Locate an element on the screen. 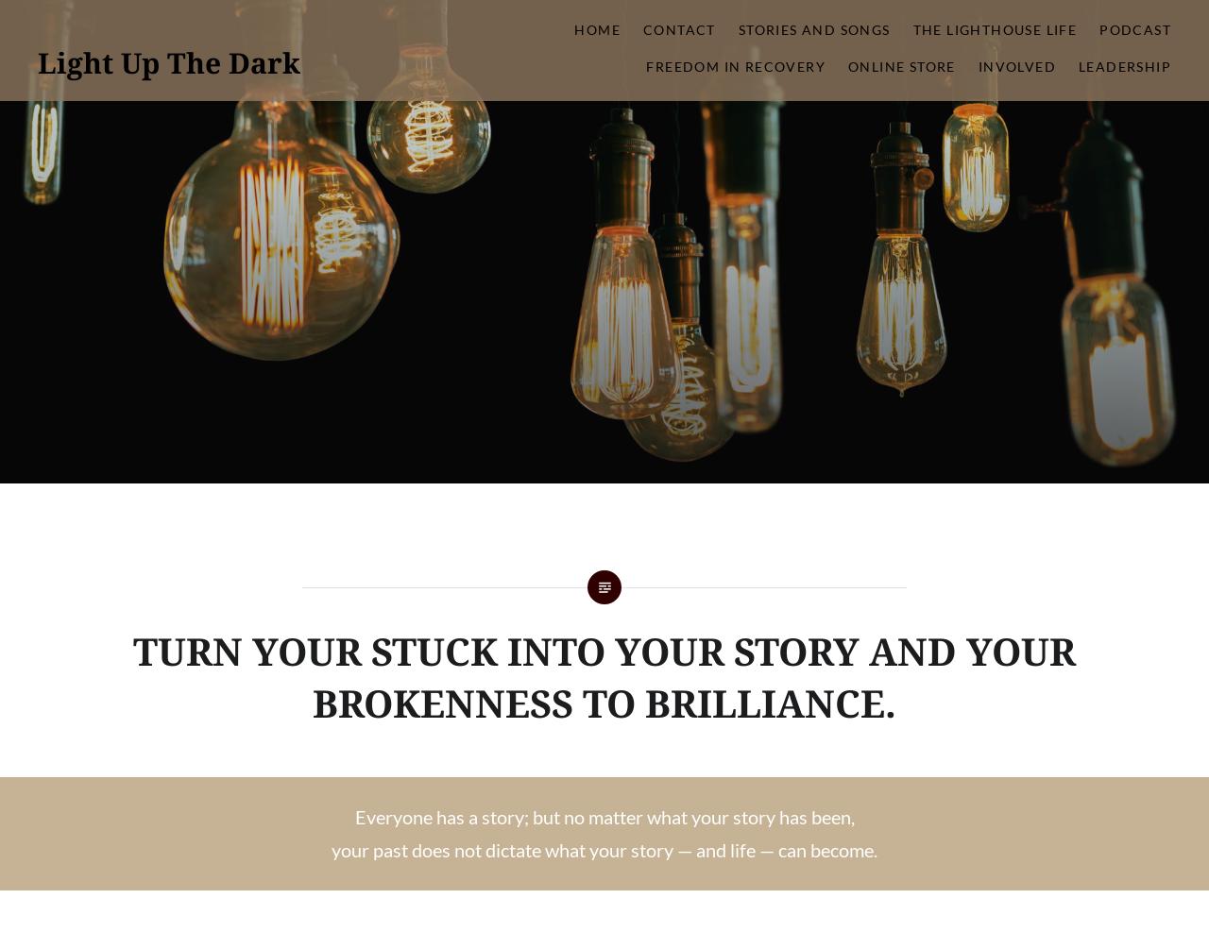  'Everyone has a story; but no matter what your story has been,' is located at coordinates (603, 816).